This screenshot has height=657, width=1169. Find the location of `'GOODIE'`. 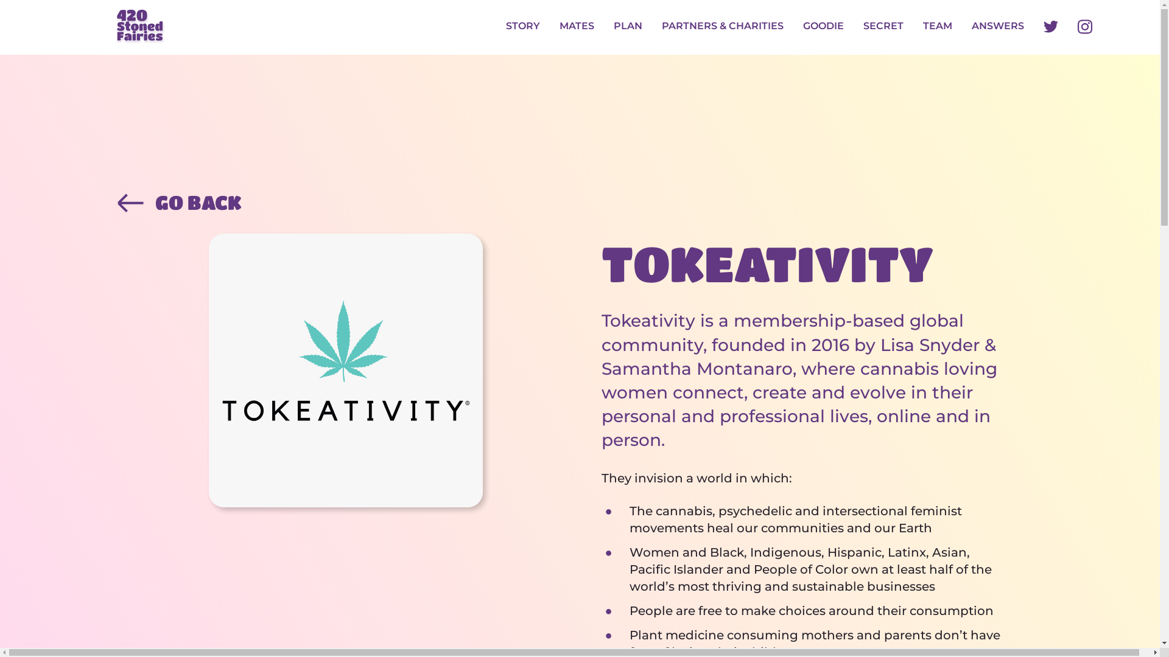

'GOODIE' is located at coordinates (803, 27).